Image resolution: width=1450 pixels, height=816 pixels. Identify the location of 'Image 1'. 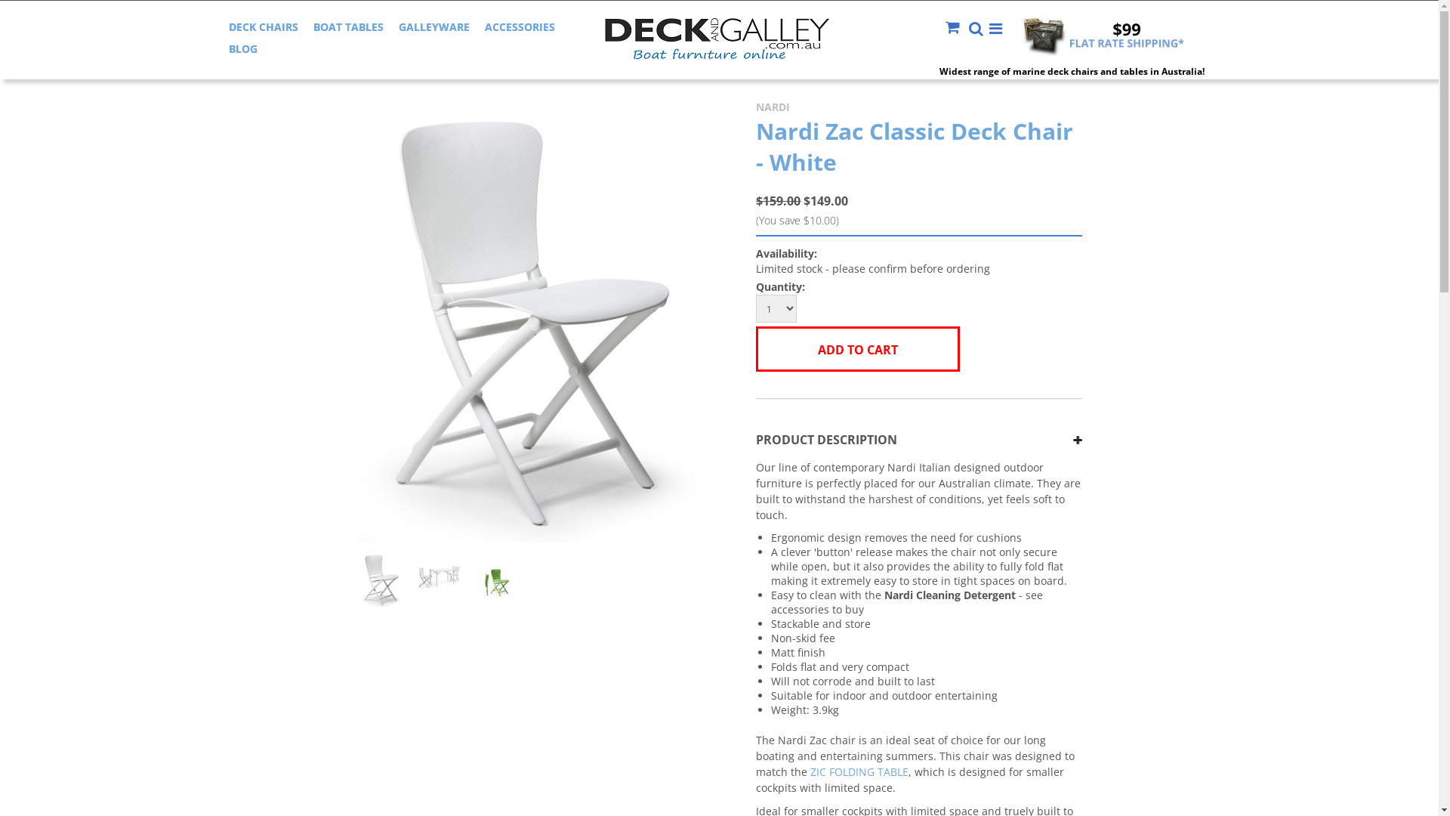
(537, 320).